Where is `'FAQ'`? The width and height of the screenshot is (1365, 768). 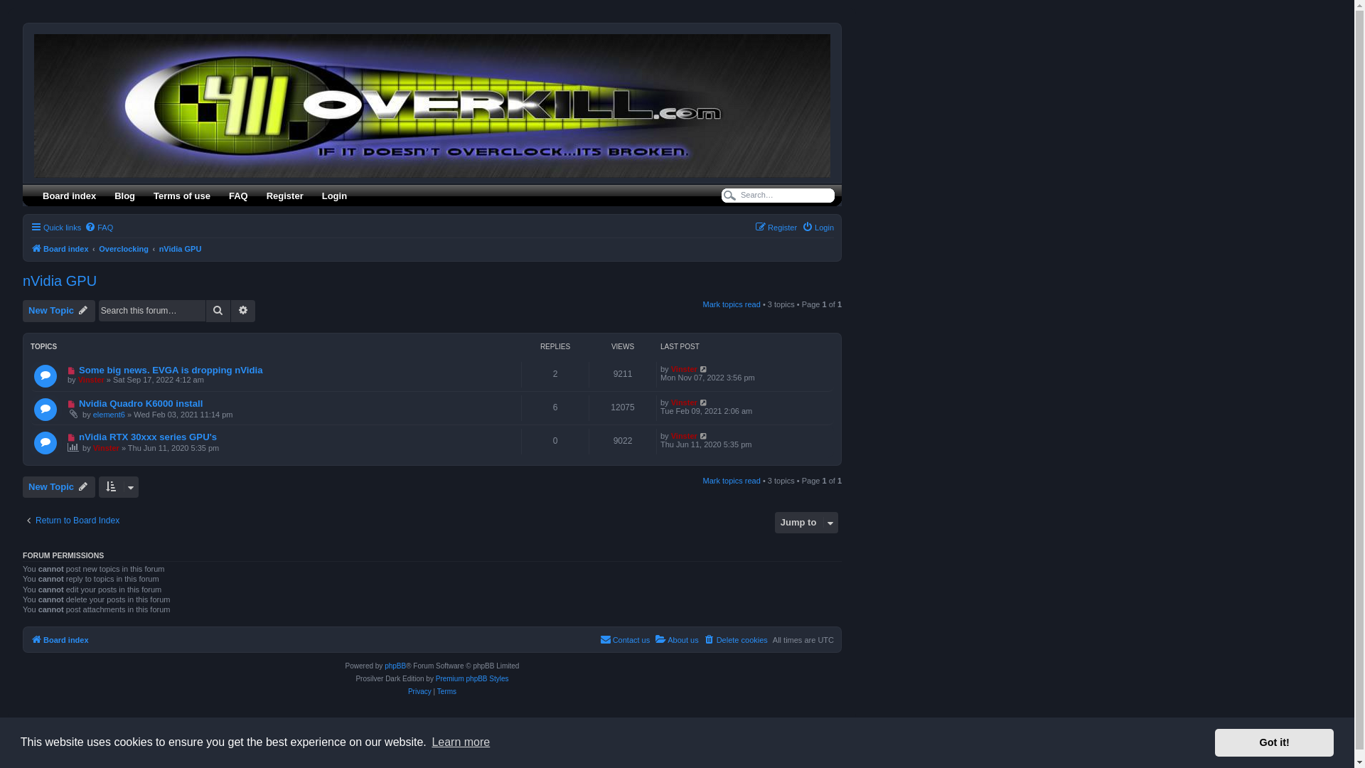 'FAQ' is located at coordinates (98, 227).